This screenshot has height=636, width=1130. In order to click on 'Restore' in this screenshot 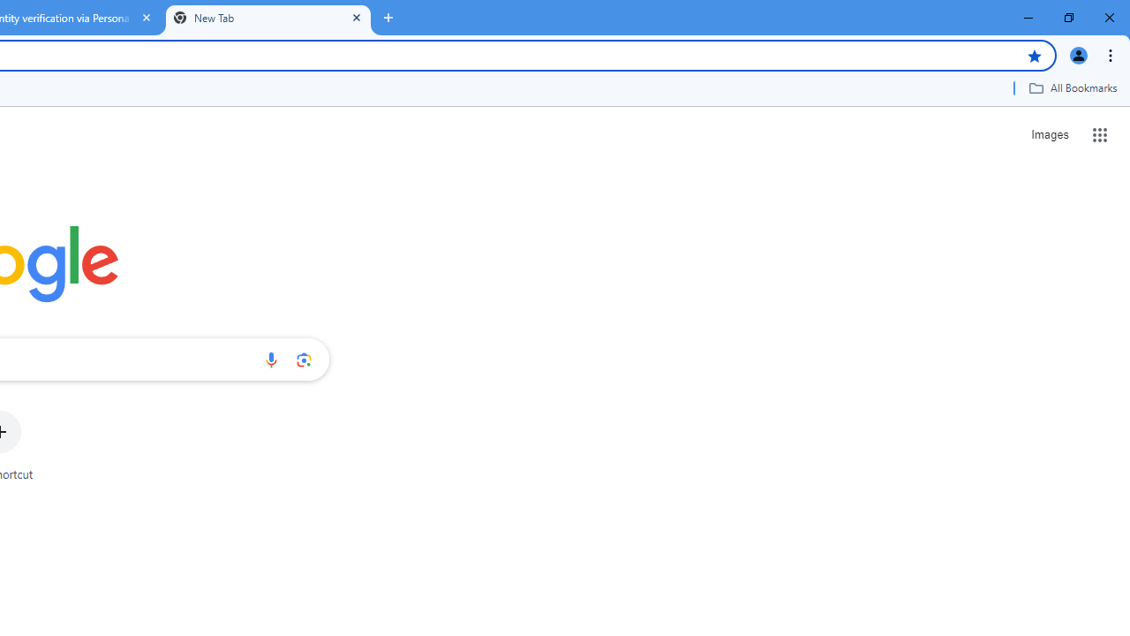, I will do `click(1067, 18)`.